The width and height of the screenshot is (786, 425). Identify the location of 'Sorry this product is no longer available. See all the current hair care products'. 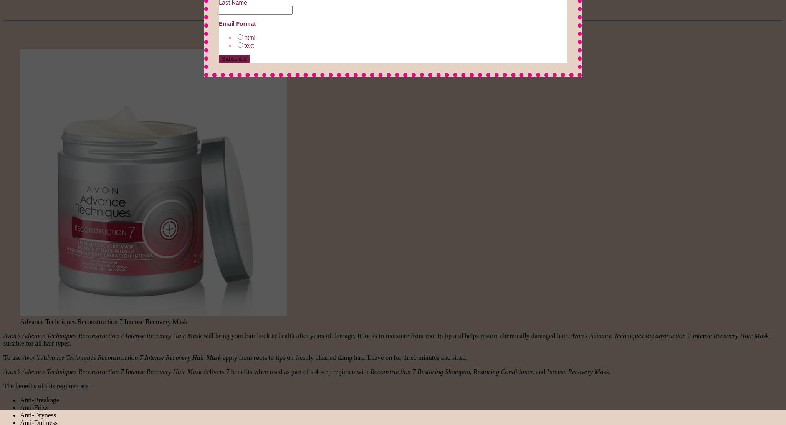
(385, 7).